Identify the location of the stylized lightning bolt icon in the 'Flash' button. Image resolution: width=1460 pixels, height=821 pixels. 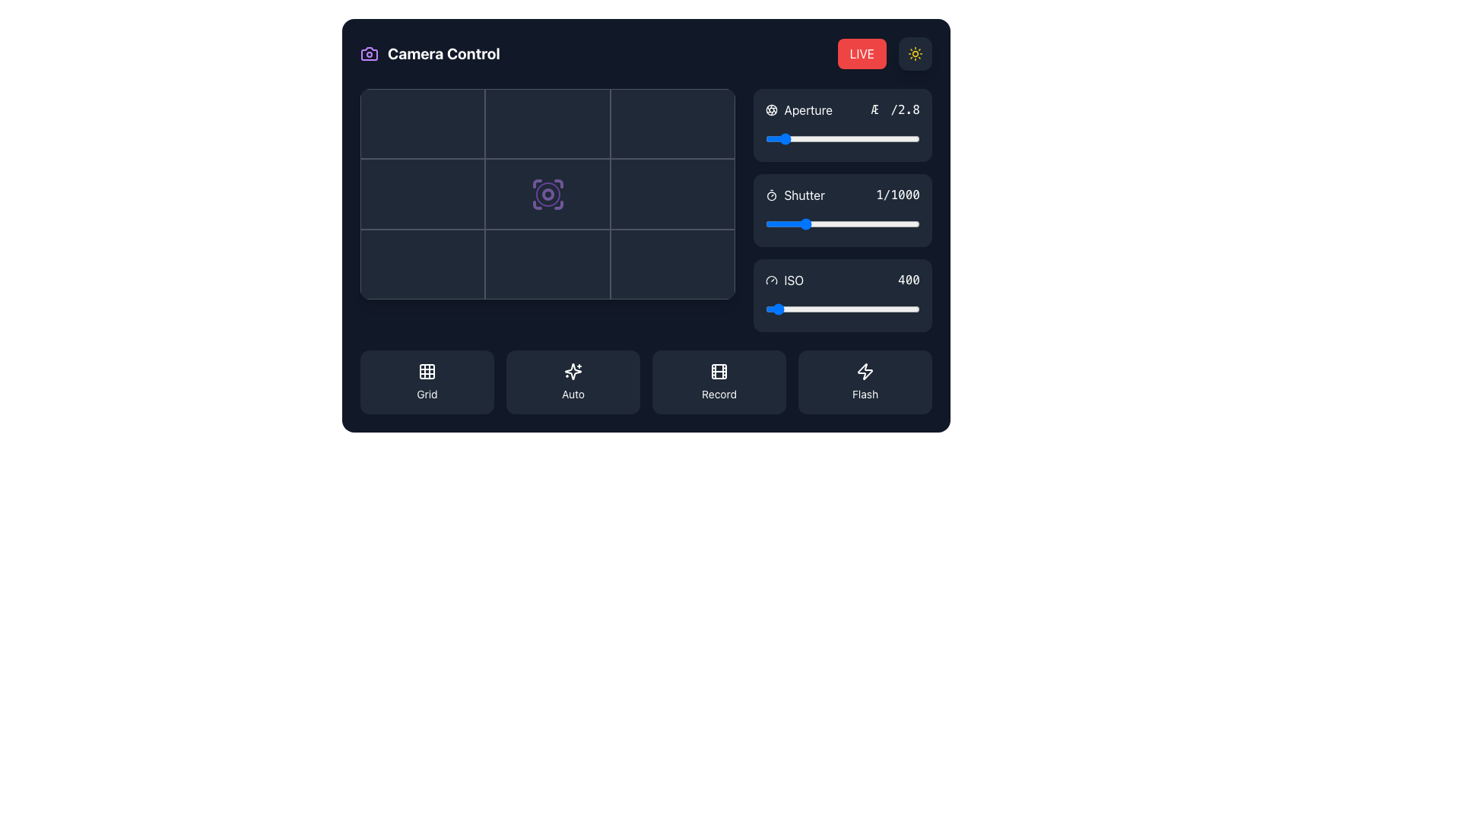
(865, 372).